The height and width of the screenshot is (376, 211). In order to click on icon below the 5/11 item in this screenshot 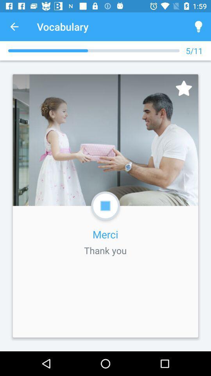, I will do `click(184, 88)`.